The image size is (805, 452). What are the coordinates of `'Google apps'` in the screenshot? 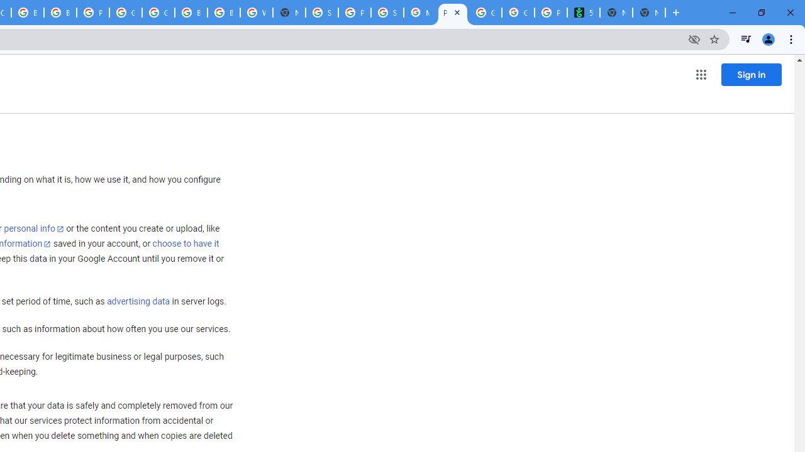 It's located at (700, 75).